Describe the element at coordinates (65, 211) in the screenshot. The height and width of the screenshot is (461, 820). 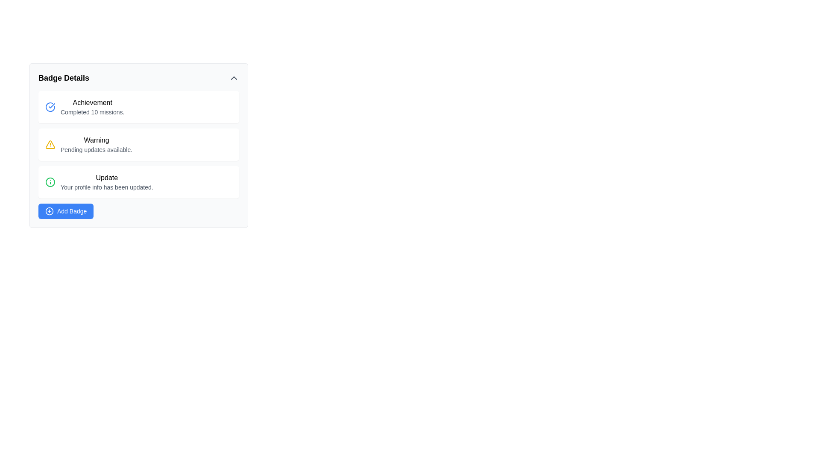
I see `the 'Add Badge' button, which has a blue background, white text, and a plus icon, located at the bottom of the 'Badge Details' group of cards` at that location.